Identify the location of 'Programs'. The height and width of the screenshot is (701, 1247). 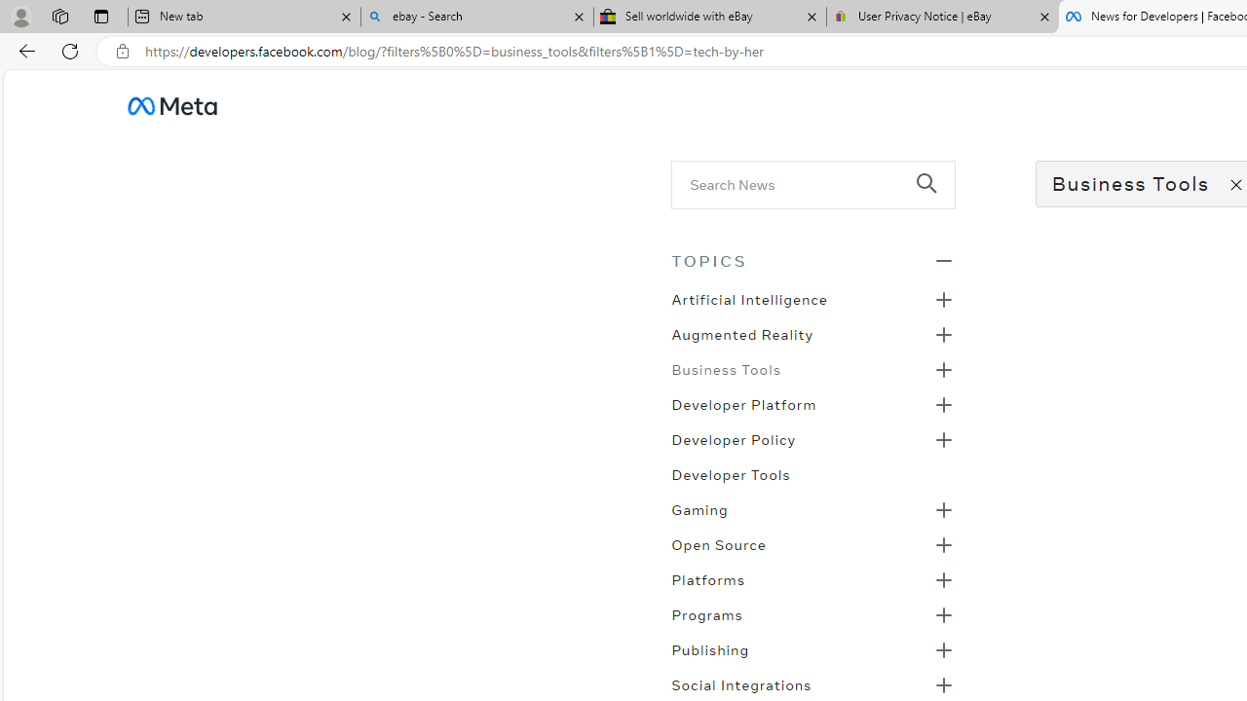
(705, 613).